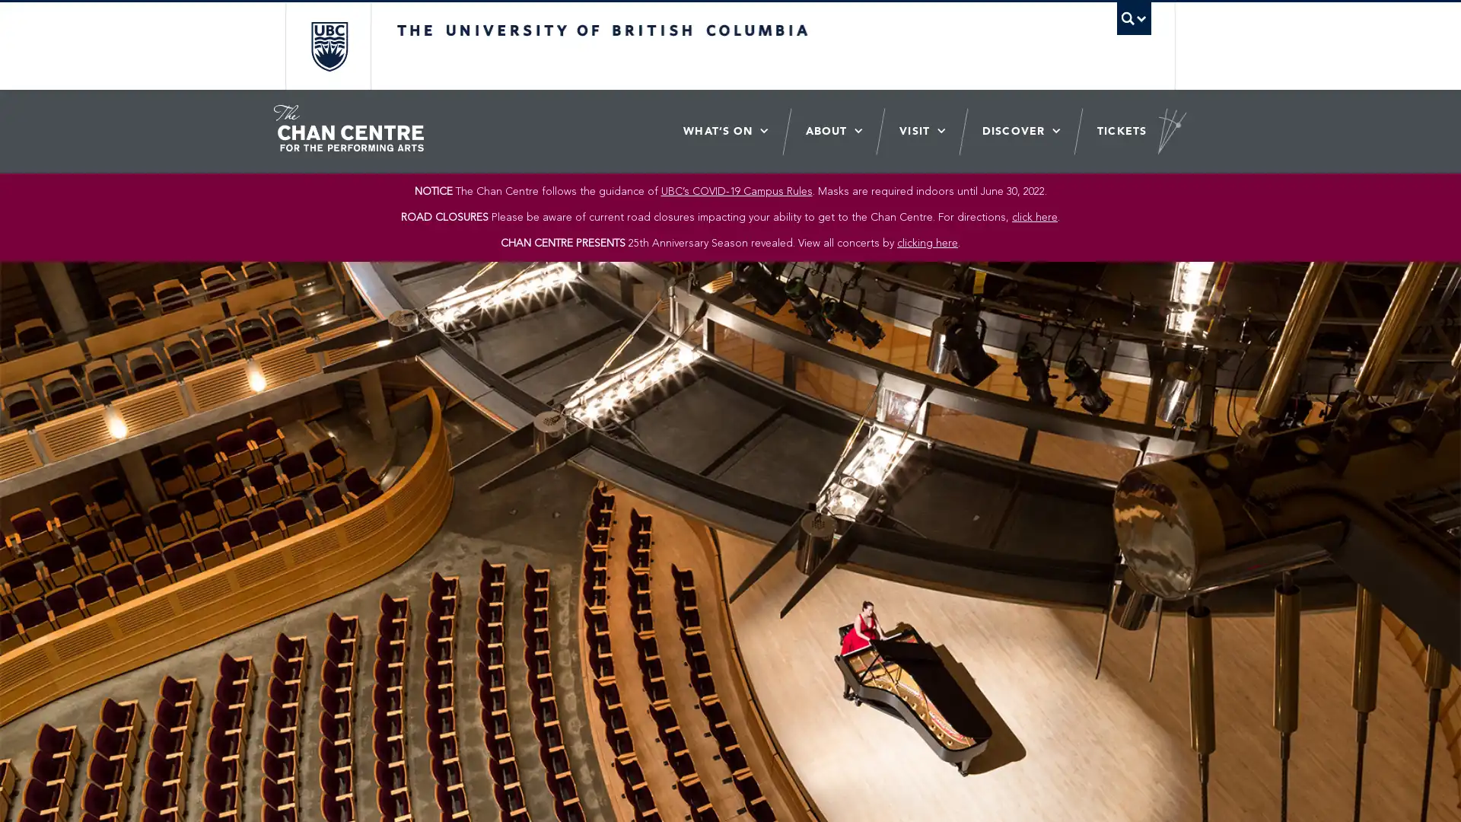 This screenshot has height=822, width=1461. I want to click on UBC Search, so click(1133, 18).